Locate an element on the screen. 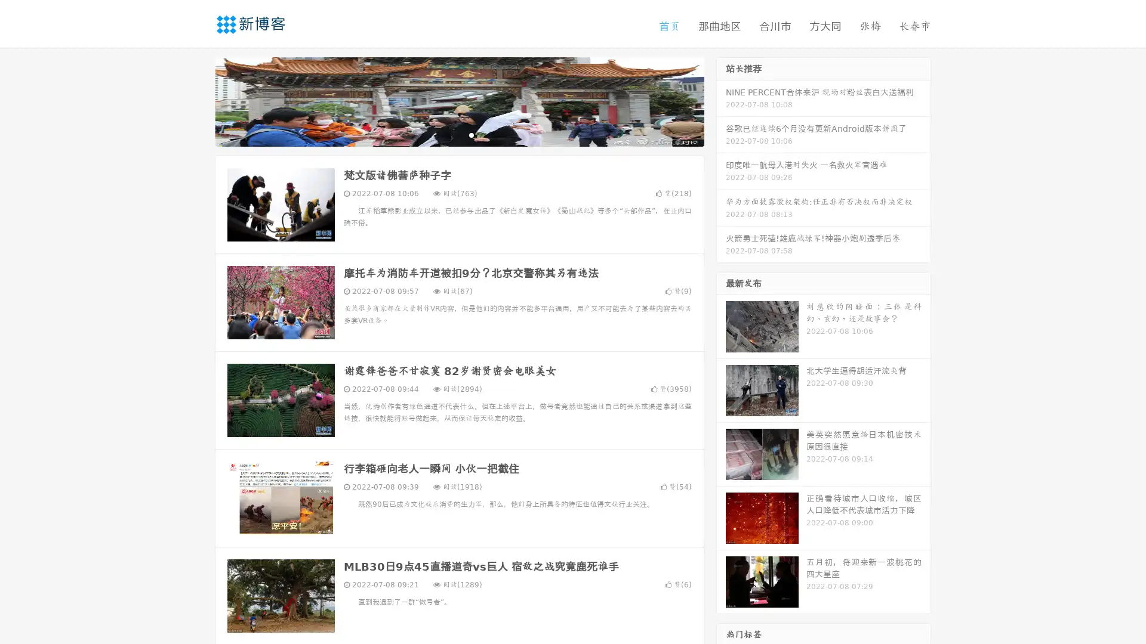 The image size is (1146, 644). Next slide is located at coordinates (721, 100).